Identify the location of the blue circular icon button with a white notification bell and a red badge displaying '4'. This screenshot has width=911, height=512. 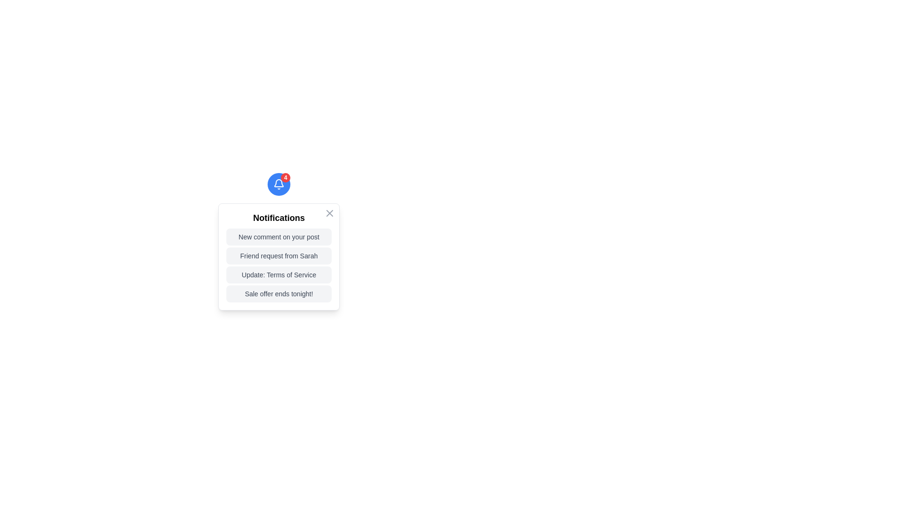
(279, 184).